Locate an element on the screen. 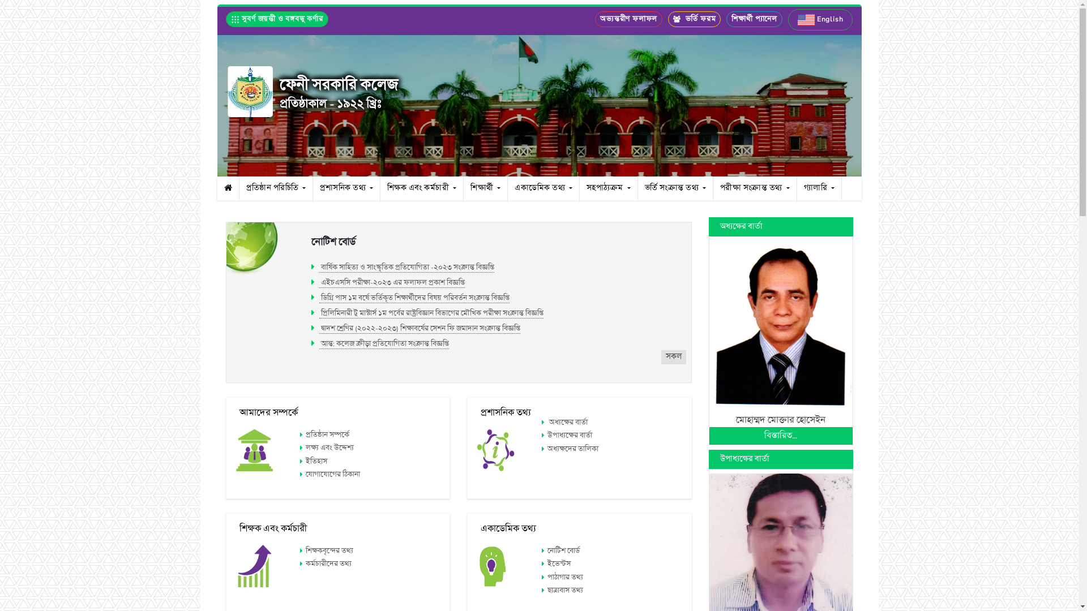 Image resolution: width=1087 pixels, height=611 pixels. 'English' is located at coordinates (820, 19).